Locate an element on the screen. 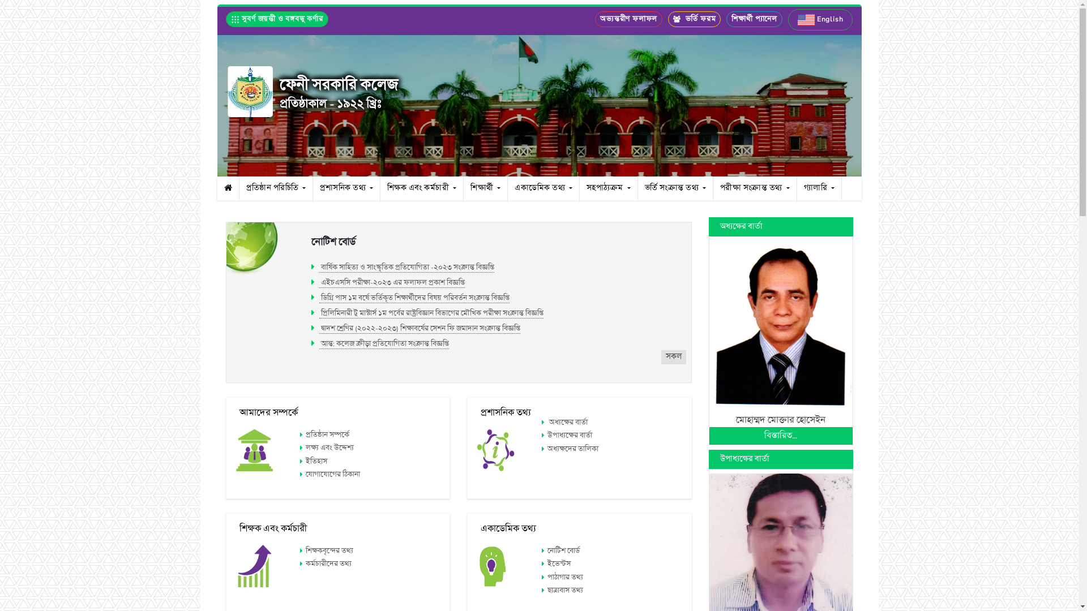 Image resolution: width=1087 pixels, height=611 pixels. 'English' is located at coordinates (820, 19).